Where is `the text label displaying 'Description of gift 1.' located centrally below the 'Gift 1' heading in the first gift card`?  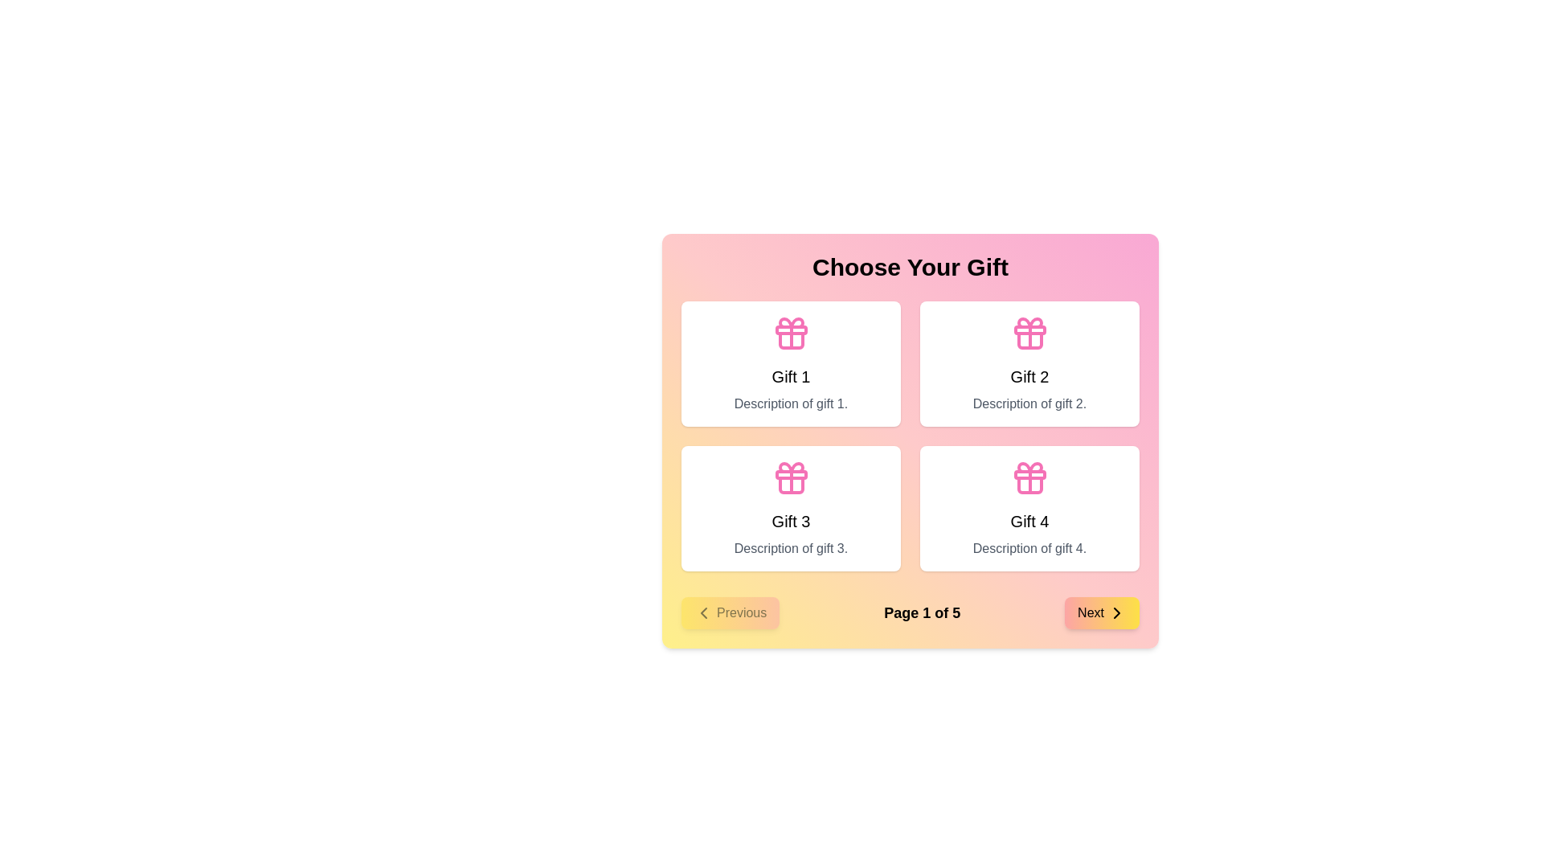 the text label displaying 'Description of gift 1.' located centrally below the 'Gift 1' heading in the first gift card is located at coordinates (791, 403).